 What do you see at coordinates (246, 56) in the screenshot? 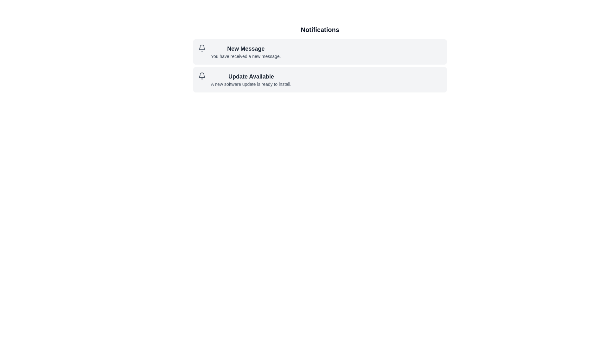
I see `the text label that provides additional information about the notification titled 'New Message', located below the title within the notifications section` at bounding box center [246, 56].